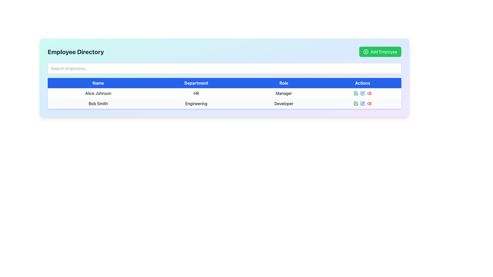 The height and width of the screenshot is (277, 493). Describe the element at coordinates (196, 93) in the screenshot. I see `the Text Label representing the department of the employee 'Alice Johnson', located in the 'Department' column of the table layout` at that location.